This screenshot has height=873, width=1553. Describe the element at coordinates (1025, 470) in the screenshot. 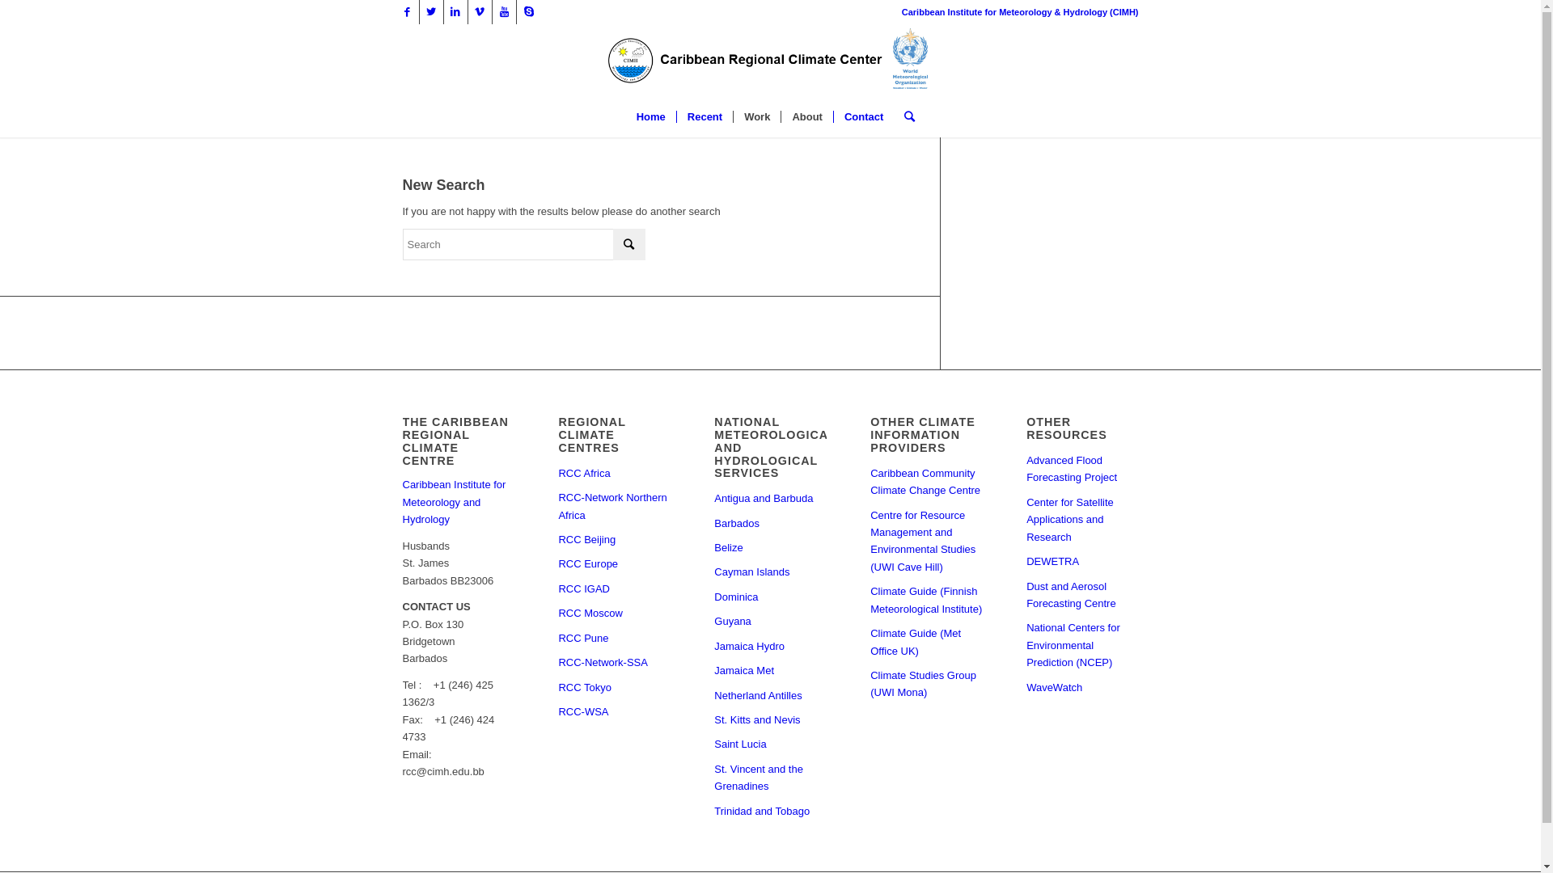

I see `'Advanced Flood Forecasting Project'` at that location.